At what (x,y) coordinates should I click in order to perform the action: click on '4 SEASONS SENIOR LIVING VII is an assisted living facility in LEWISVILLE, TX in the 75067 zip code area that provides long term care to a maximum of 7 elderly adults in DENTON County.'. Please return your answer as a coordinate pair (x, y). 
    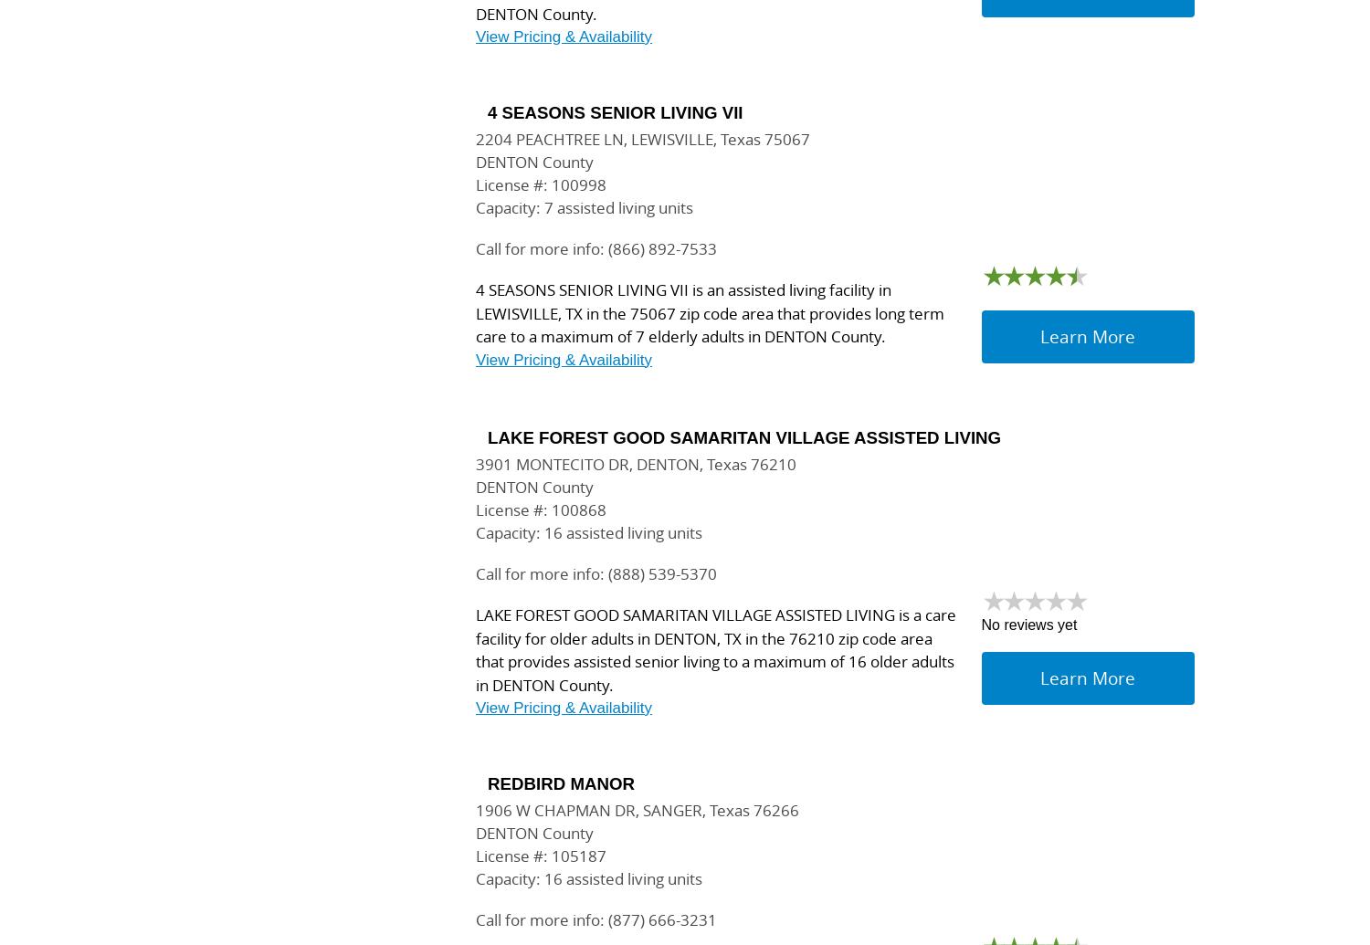
    Looking at the image, I should click on (710, 312).